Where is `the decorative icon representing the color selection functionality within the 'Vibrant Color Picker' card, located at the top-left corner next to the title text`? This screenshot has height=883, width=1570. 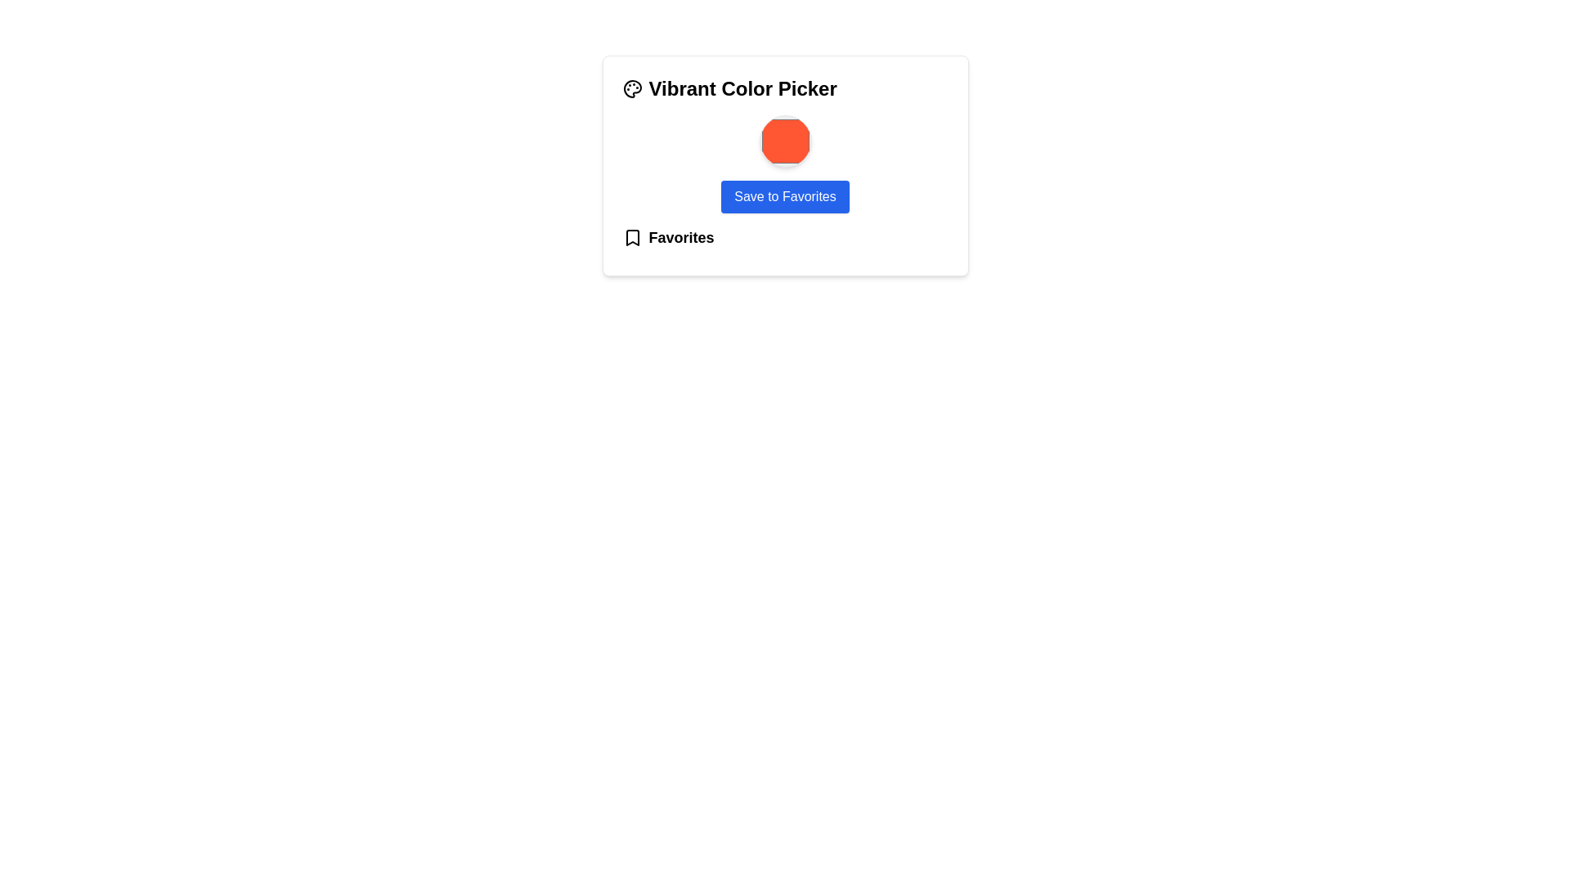
the decorative icon representing the color selection functionality within the 'Vibrant Color Picker' card, located at the top-left corner next to the title text is located at coordinates (631, 88).